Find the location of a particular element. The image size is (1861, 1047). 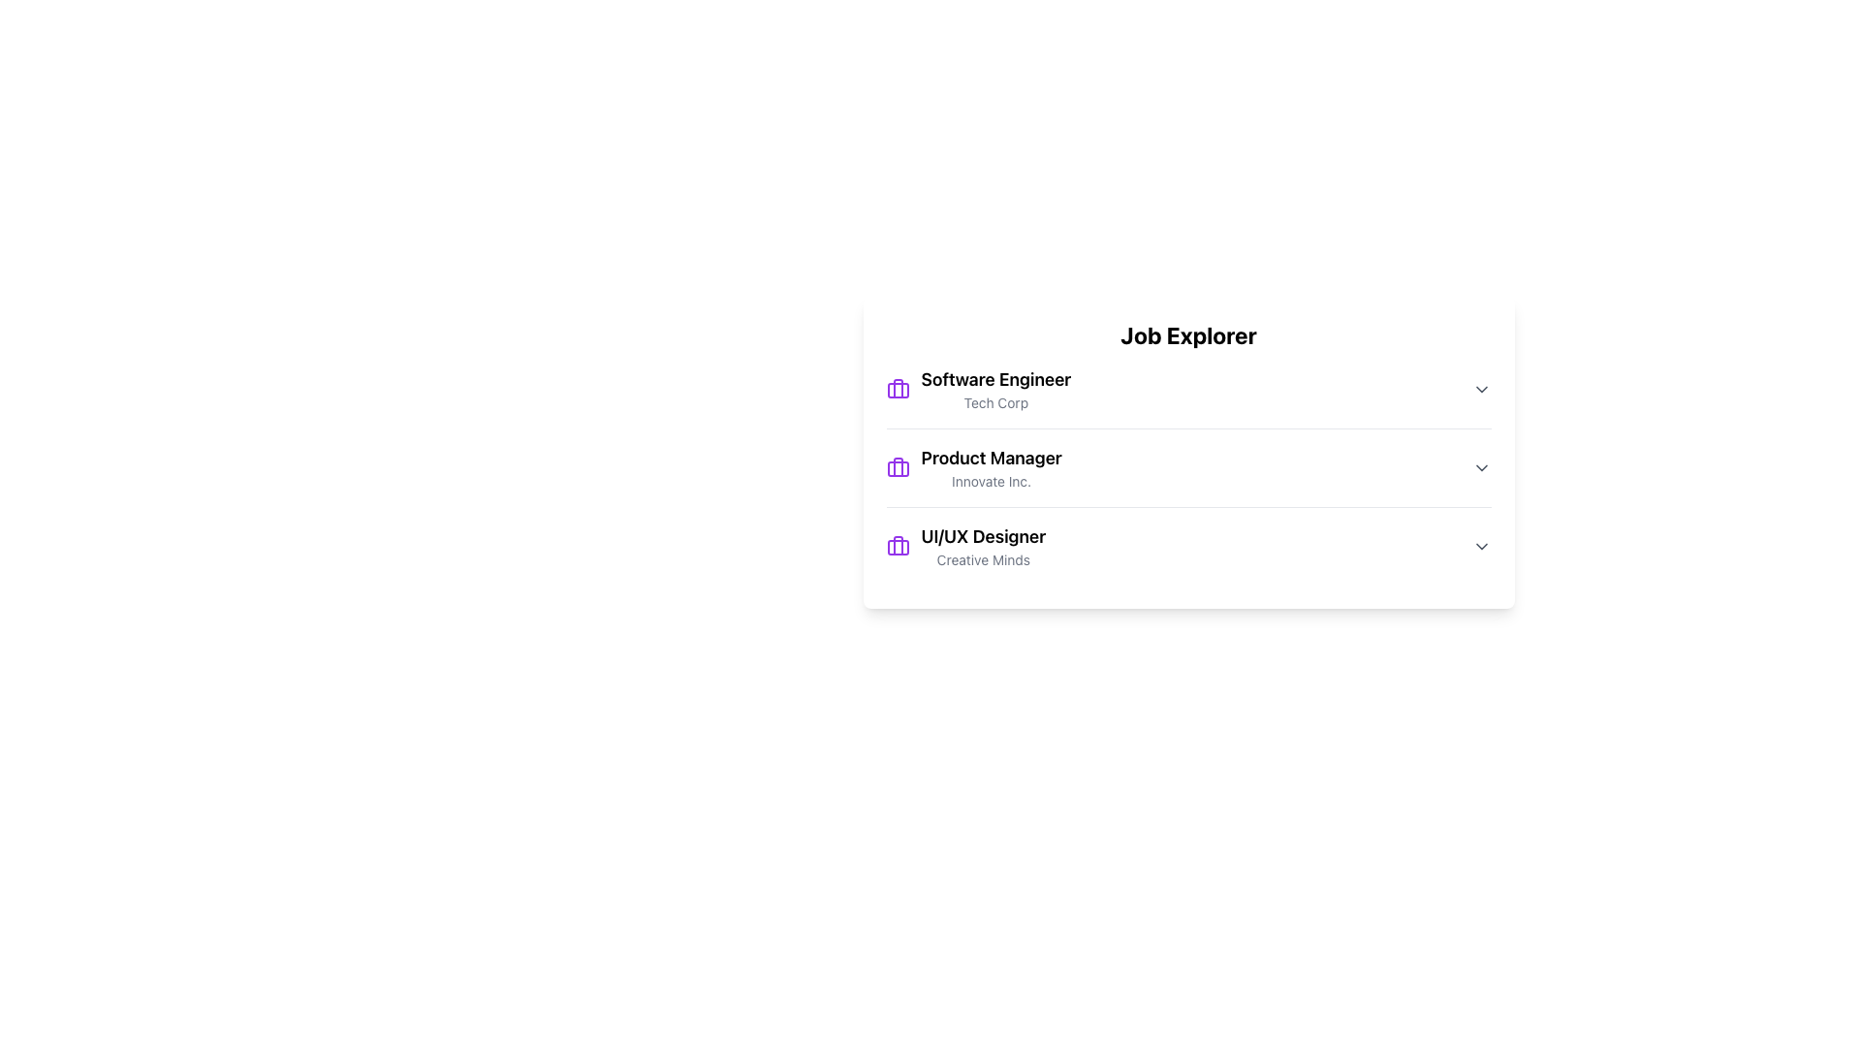

the first interactive job entry in the 'Job Explorer' section is located at coordinates (1187, 397).